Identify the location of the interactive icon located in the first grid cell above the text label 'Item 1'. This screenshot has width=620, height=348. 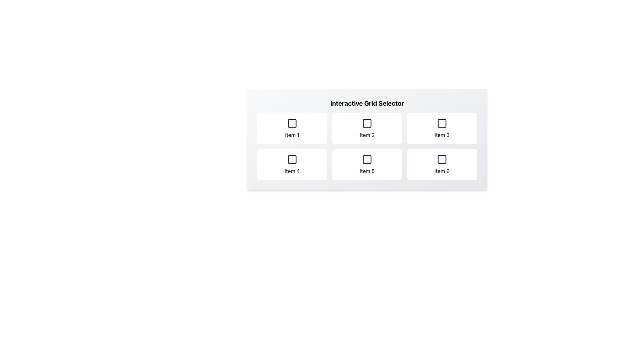
(292, 123).